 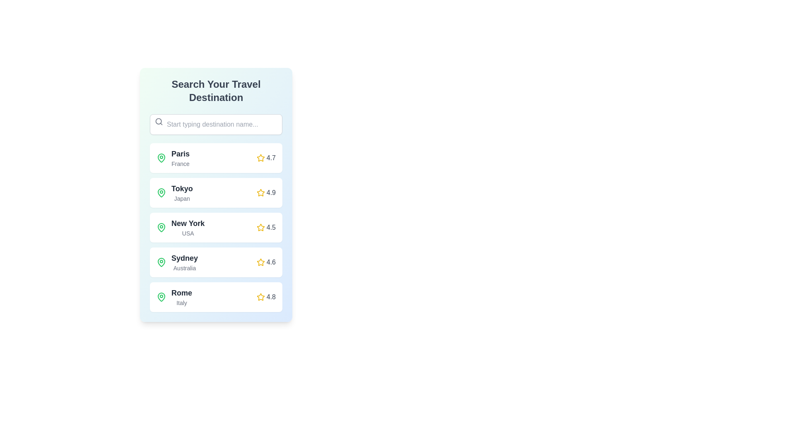 I want to click on text content of the Text label displaying 'Tokyo', which serves as the title for a location entry, positioned above 'Japan' and to the right of the green pin icon, so click(x=181, y=188).